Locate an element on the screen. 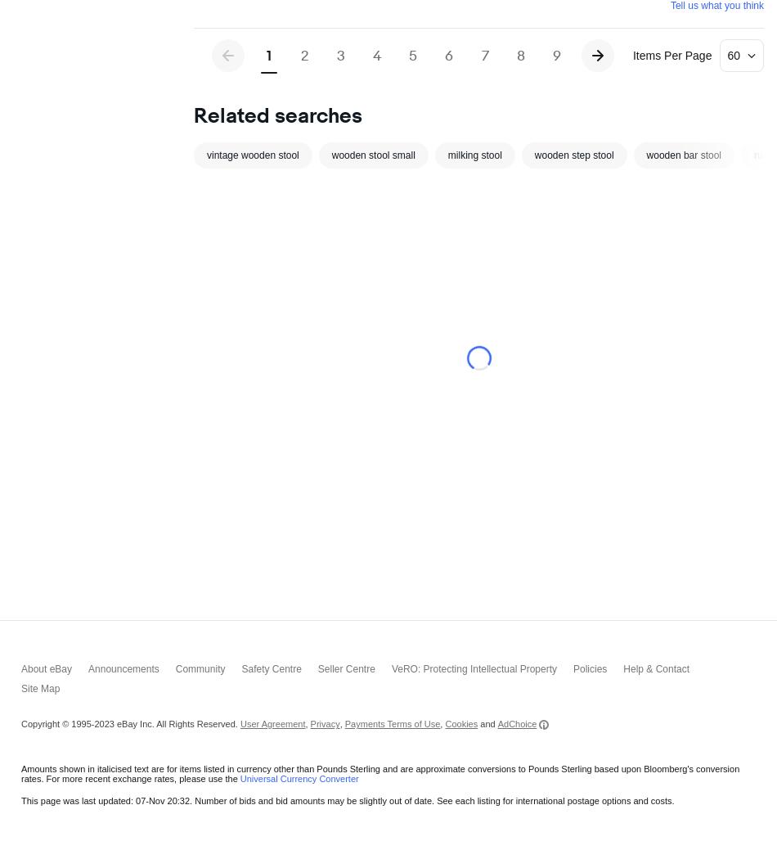  'vintage wooden stool' is located at coordinates (252, 155).